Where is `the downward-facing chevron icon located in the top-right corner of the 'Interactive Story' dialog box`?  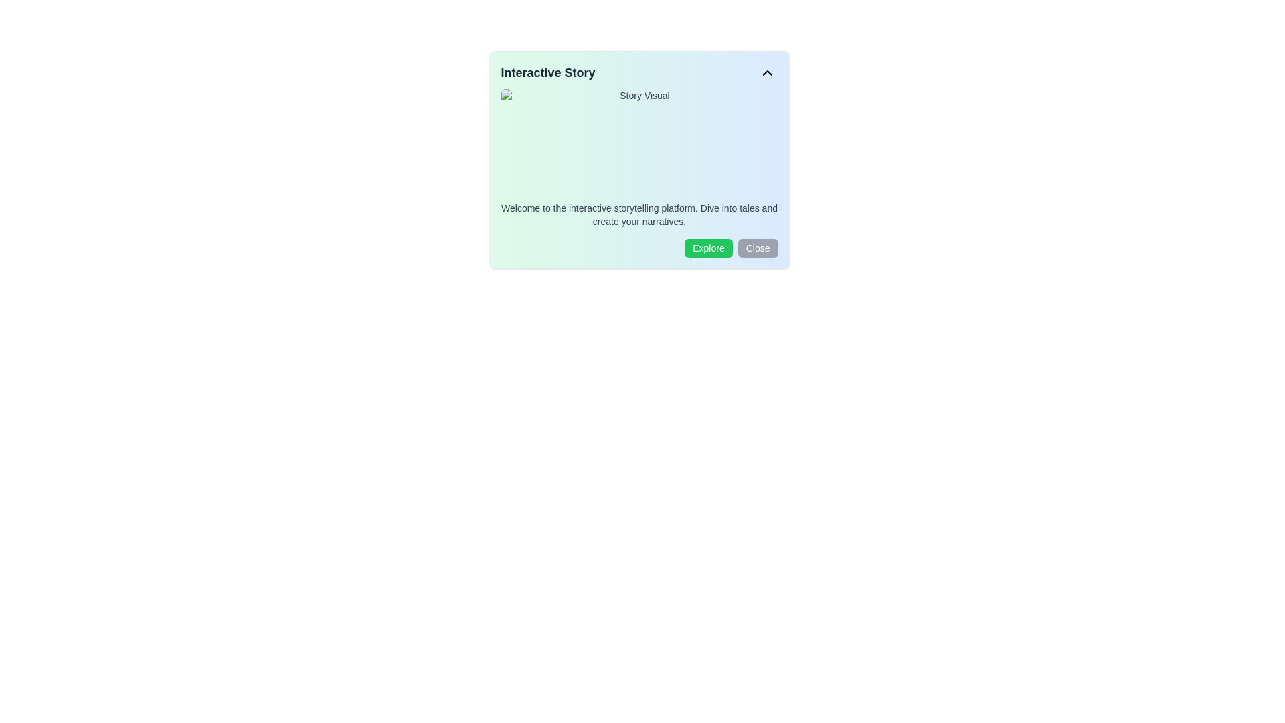
the downward-facing chevron icon located in the top-right corner of the 'Interactive Story' dialog box is located at coordinates (767, 72).